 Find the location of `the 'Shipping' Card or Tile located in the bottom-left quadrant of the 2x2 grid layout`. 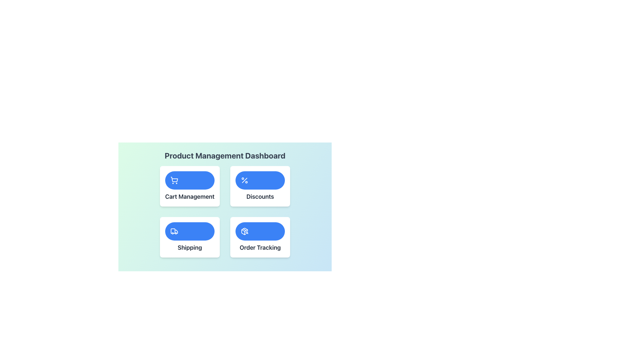

the 'Shipping' Card or Tile located in the bottom-left quadrant of the 2x2 grid layout is located at coordinates (189, 237).